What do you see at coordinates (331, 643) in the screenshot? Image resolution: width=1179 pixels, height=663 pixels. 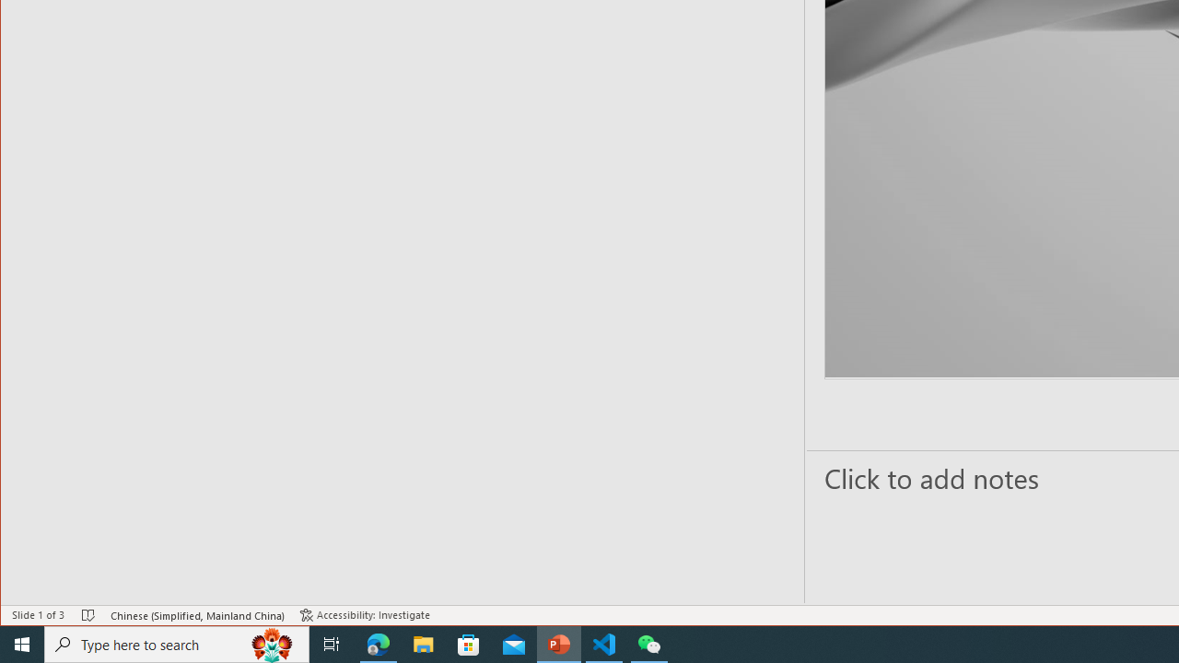 I see `'Task View'` at bounding box center [331, 643].